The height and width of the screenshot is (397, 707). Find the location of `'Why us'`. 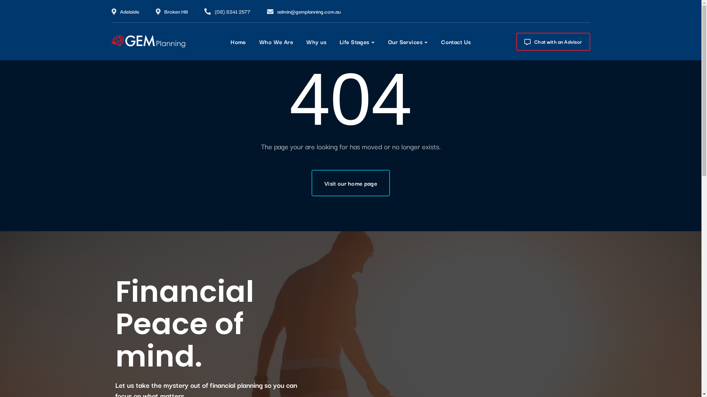

'Why us' is located at coordinates (316, 41).